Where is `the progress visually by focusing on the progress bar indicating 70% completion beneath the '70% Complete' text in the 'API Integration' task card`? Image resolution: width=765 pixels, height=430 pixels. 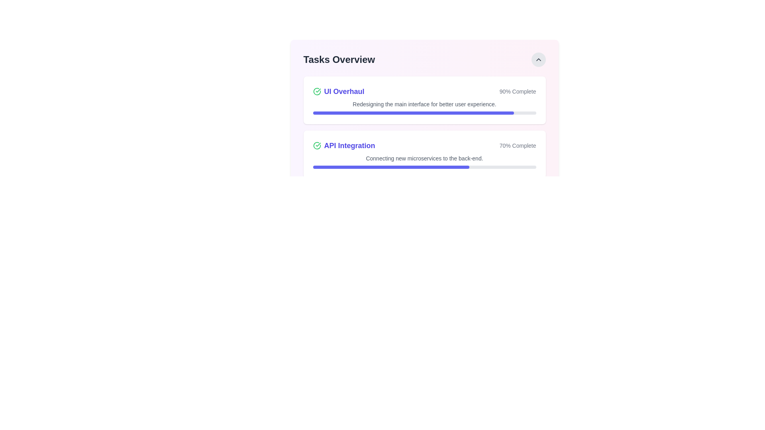
the progress visually by focusing on the progress bar indicating 70% completion beneath the '70% Complete' text in the 'API Integration' task card is located at coordinates (424, 167).